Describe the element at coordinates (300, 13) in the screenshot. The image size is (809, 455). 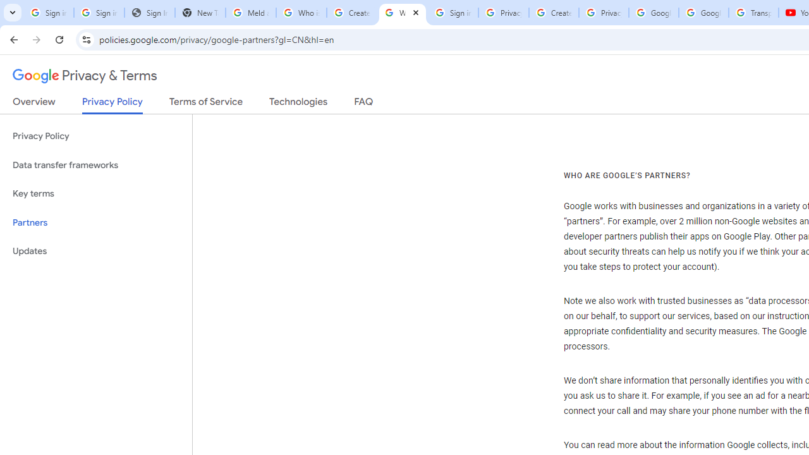
I see `'Who is my administrator? - Google Account Help'` at that location.